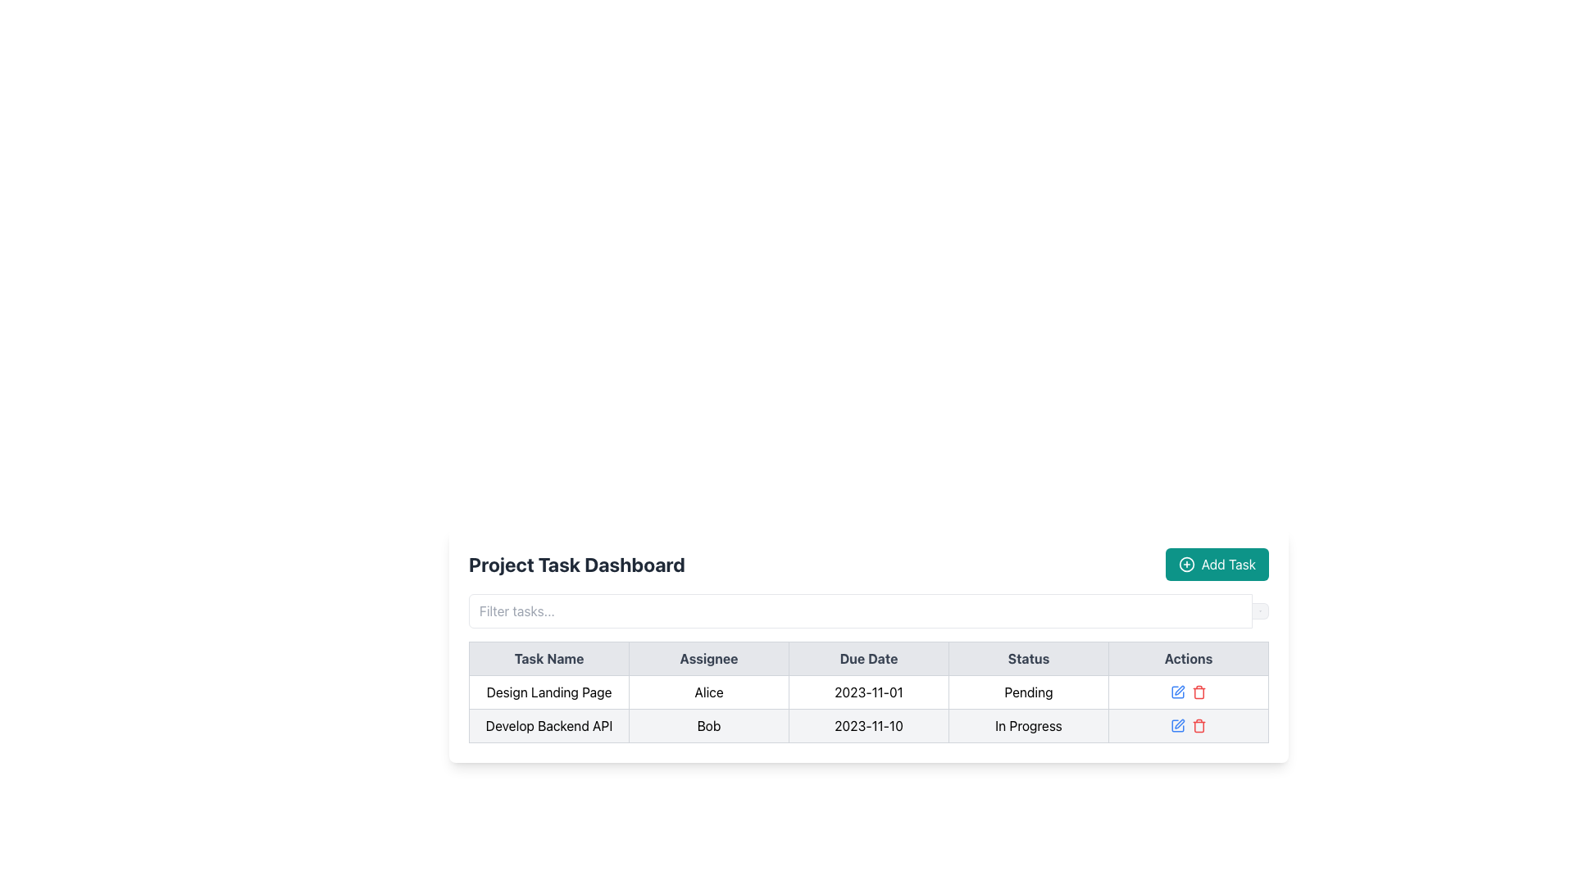 This screenshot has width=1574, height=885. I want to click on the 'Due Date' column header in the table, which is the third header column positioned between 'Assignee' and 'Status', so click(868, 657).